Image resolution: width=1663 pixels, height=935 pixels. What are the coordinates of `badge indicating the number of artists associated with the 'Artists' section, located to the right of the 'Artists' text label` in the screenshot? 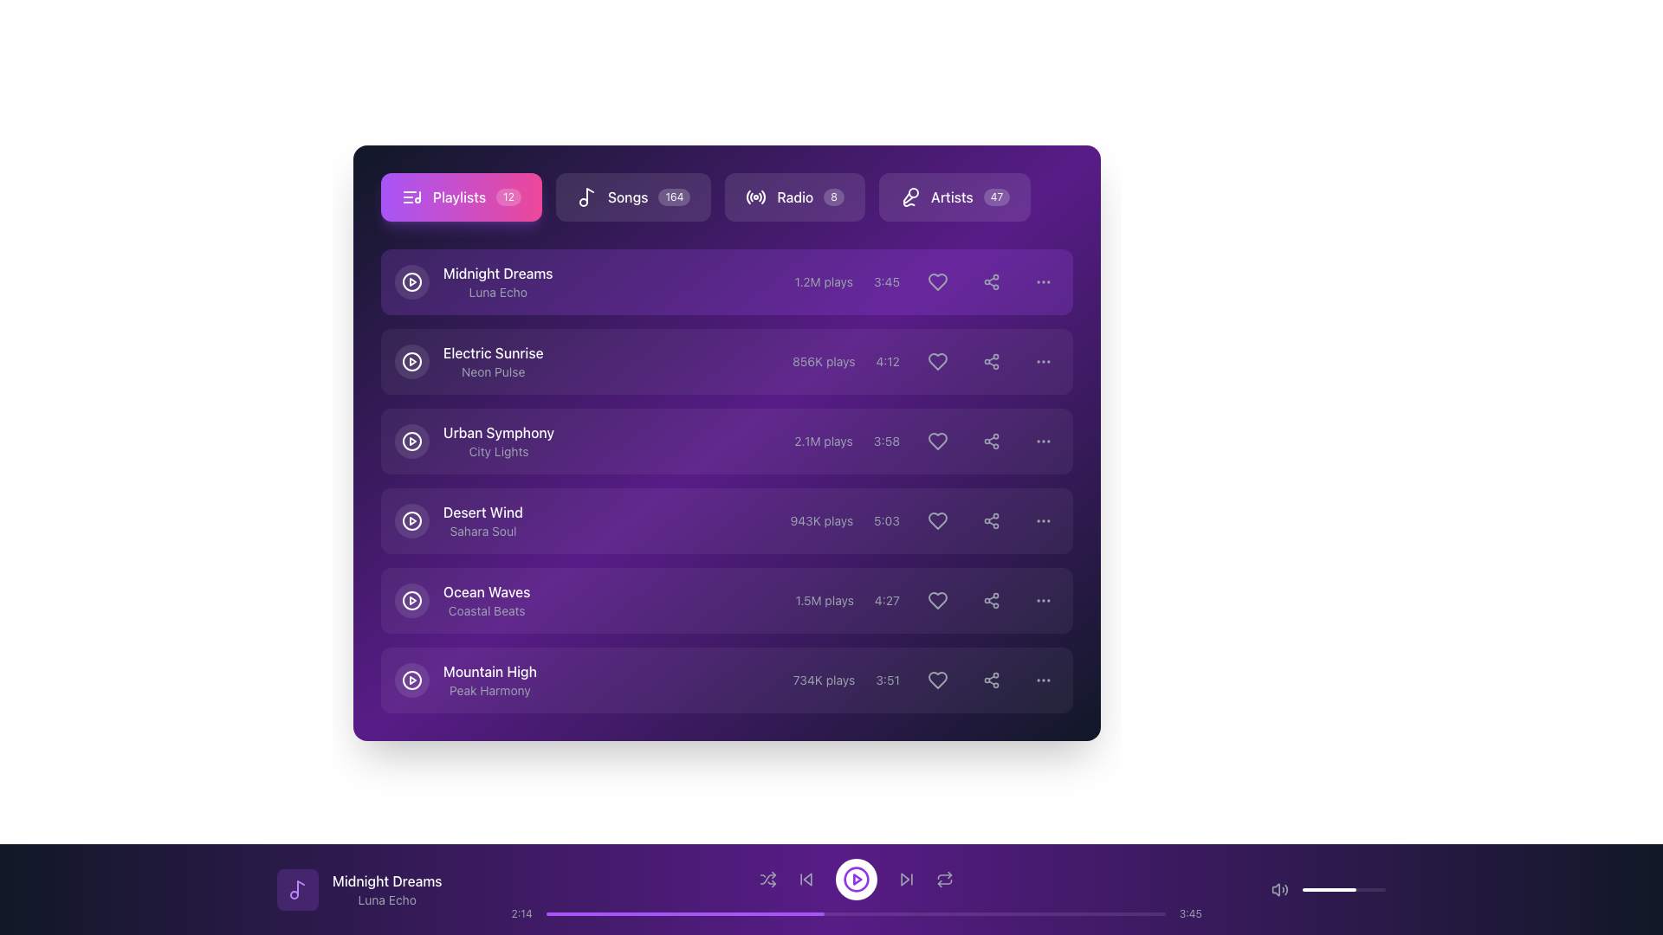 It's located at (997, 196).